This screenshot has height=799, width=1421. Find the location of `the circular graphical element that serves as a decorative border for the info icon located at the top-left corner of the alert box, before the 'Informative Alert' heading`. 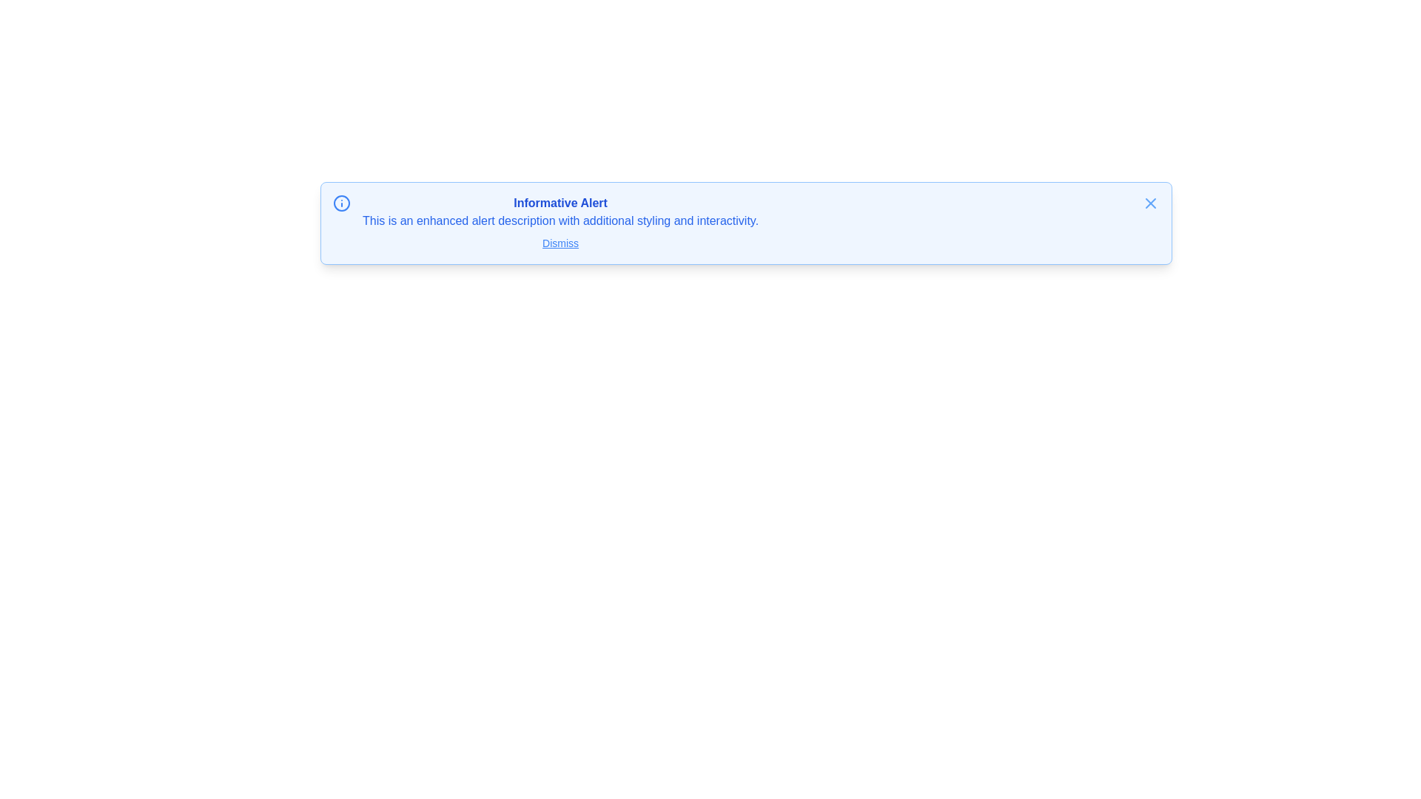

the circular graphical element that serves as a decorative border for the info icon located at the top-left corner of the alert box, before the 'Informative Alert' heading is located at coordinates (340, 203).